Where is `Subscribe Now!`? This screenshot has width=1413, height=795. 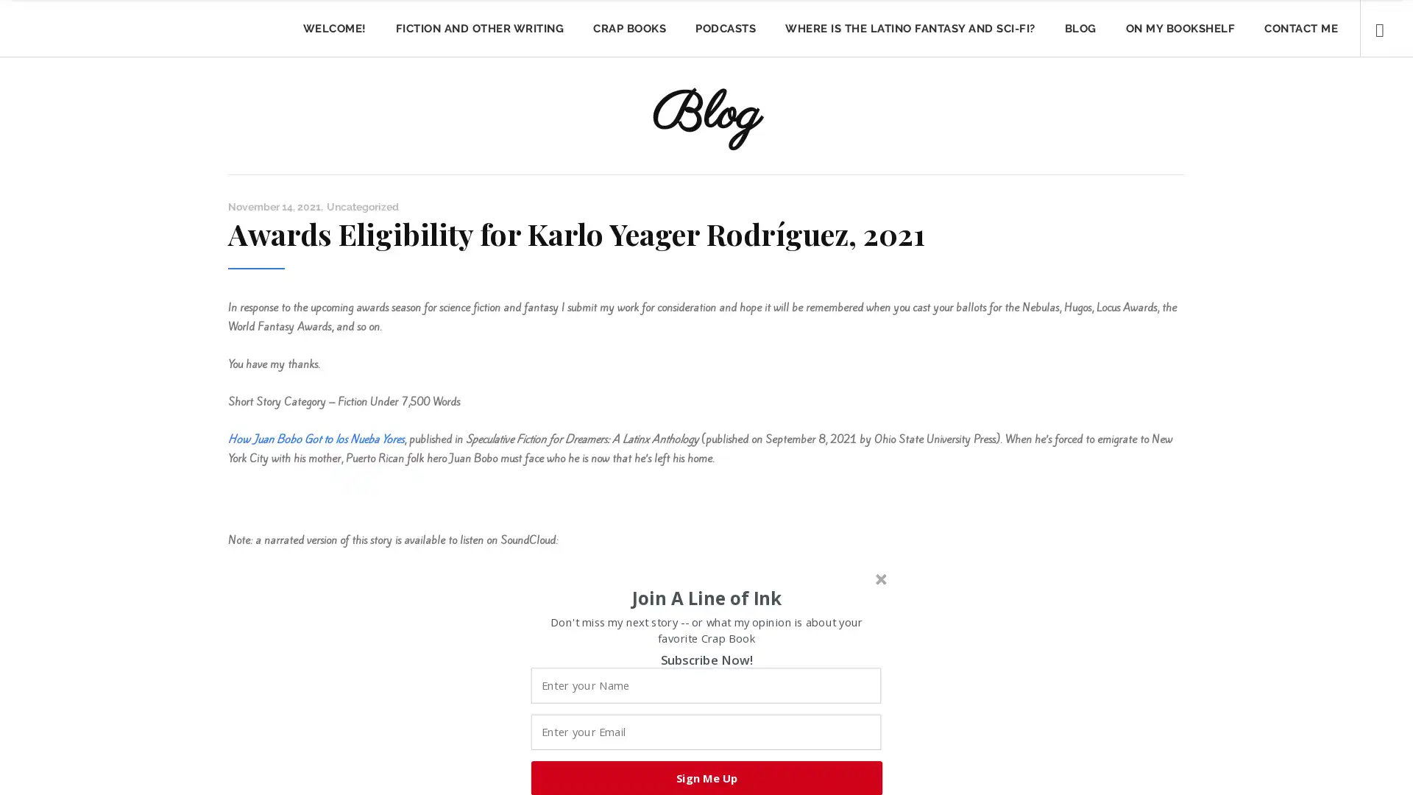
Subscribe Now! is located at coordinates (705, 658).